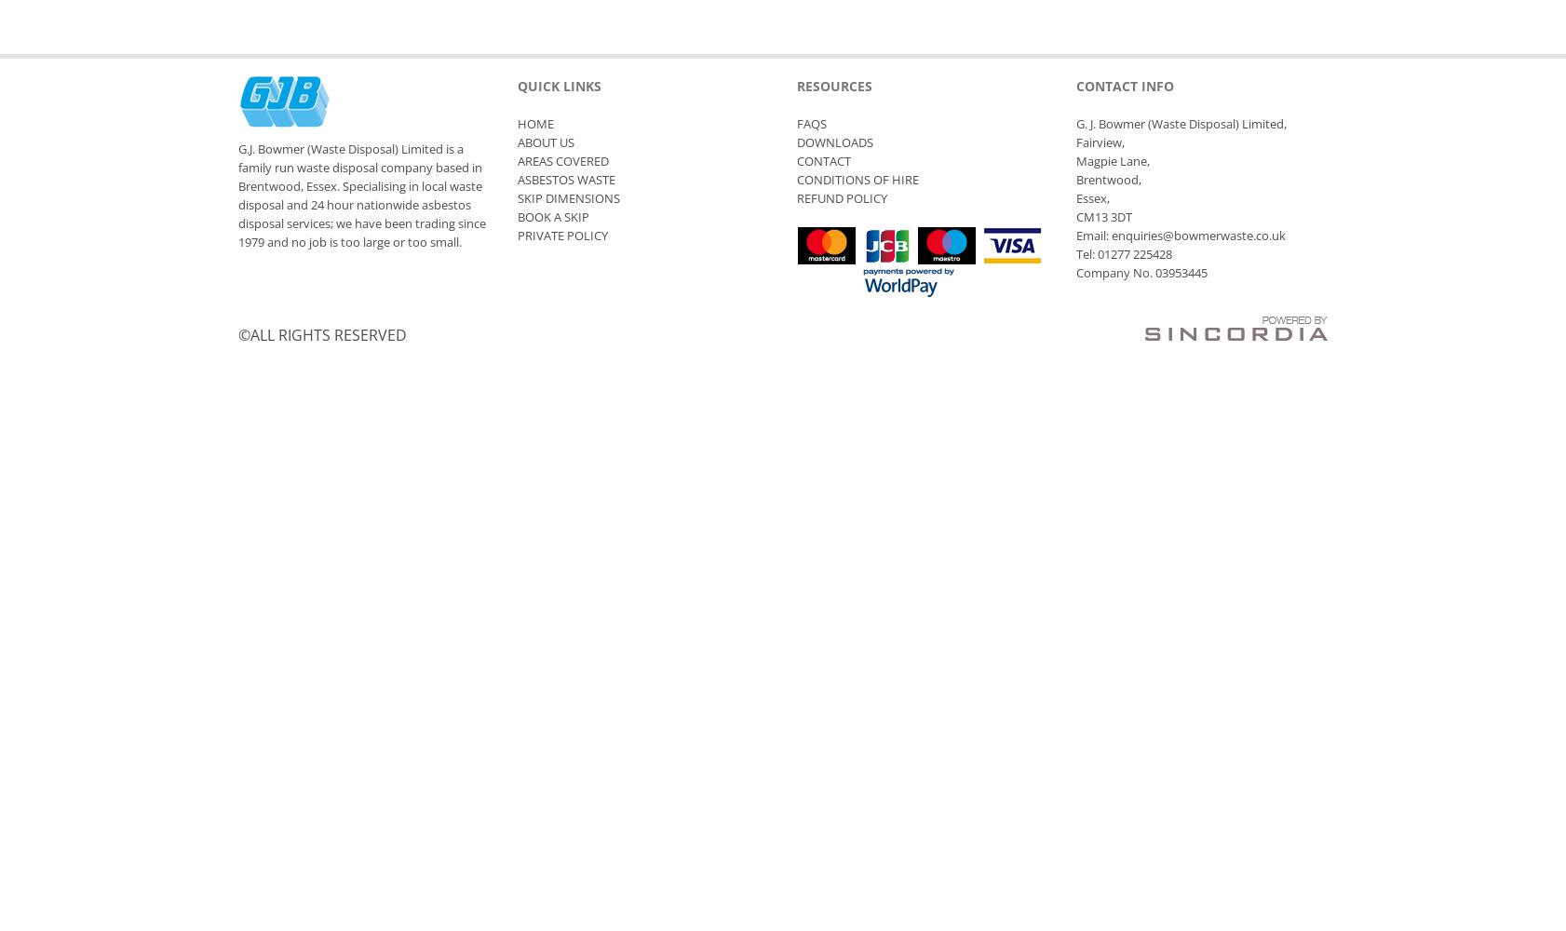  Describe the element at coordinates (834, 142) in the screenshot. I see `'Downloads'` at that location.